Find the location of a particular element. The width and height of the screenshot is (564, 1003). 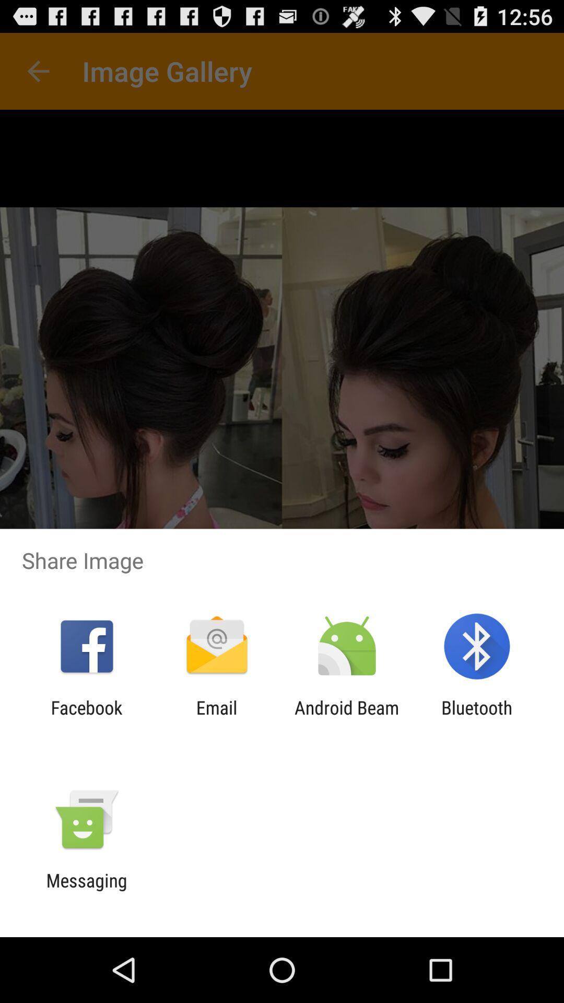

item next to the email icon is located at coordinates (86, 718).